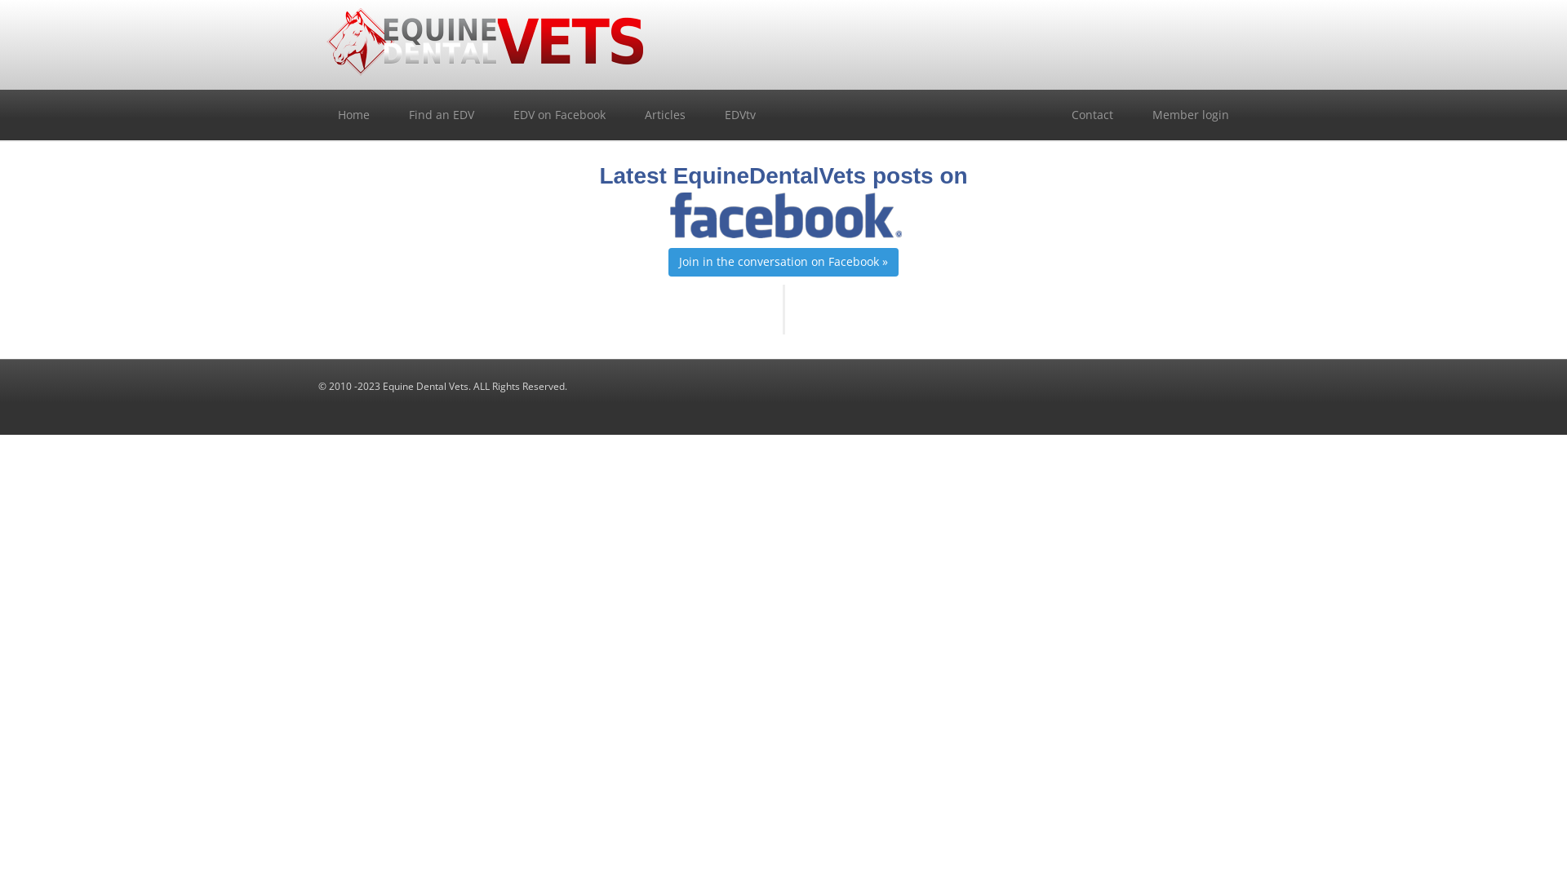 The width and height of the screenshot is (1567, 881). Describe the element at coordinates (1191, 114) in the screenshot. I see `'Member login'` at that location.